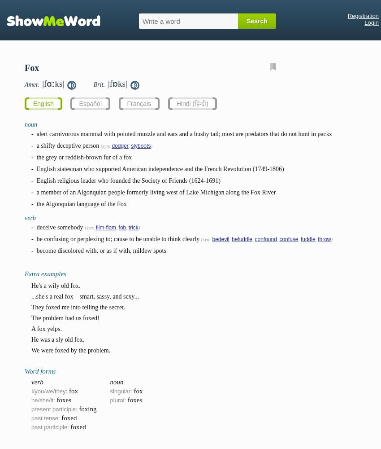  Describe the element at coordinates (117, 84) in the screenshot. I see `'|fɒks|'` at that location.